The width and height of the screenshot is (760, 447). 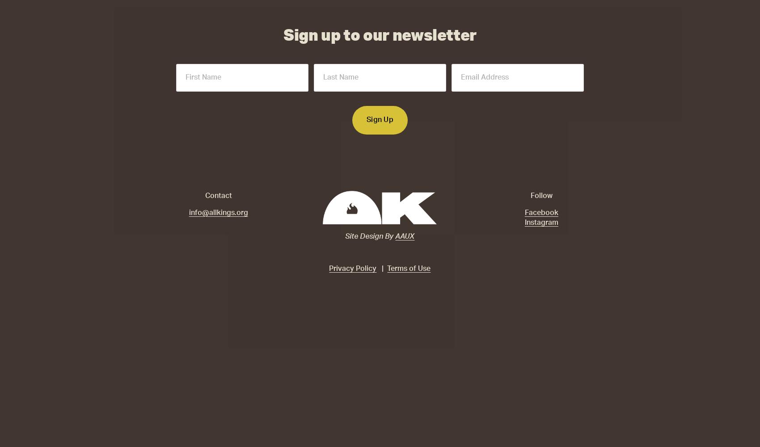 What do you see at coordinates (540, 212) in the screenshot?
I see `'Facebook'` at bounding box center [540, 212].